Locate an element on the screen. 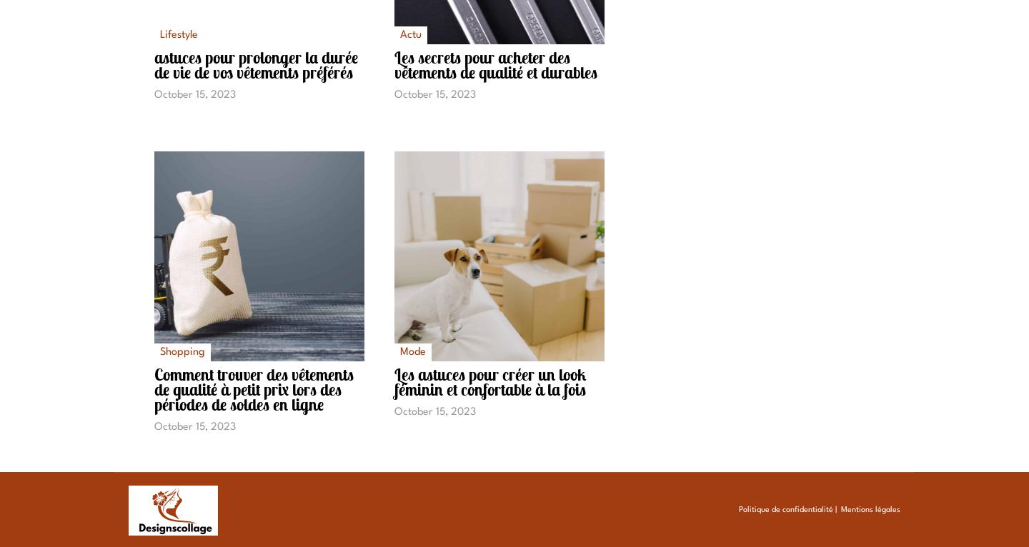  'astuces pour prolonger la durée de vie de vos vêtements préférés' is located at coordinates (256, 64).